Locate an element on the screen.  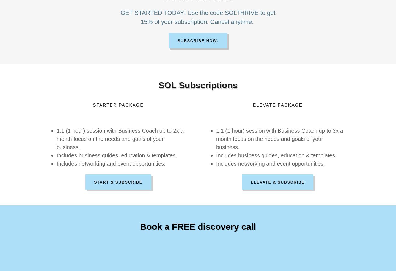
'Subscribe now.' is located at coordinates (198, 41).